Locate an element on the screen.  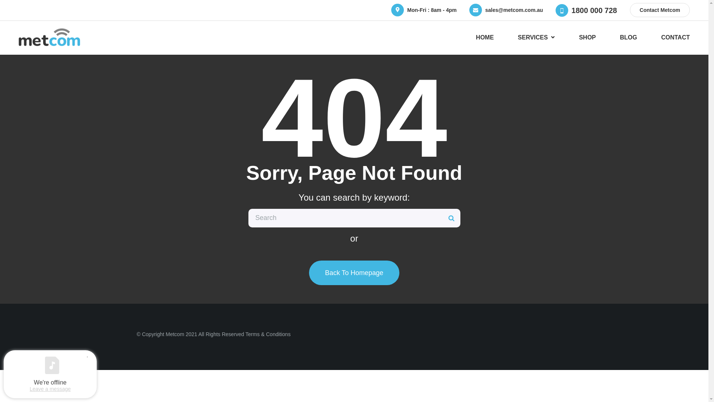
'Back To Homepage' is located at coordinates (309, 272).